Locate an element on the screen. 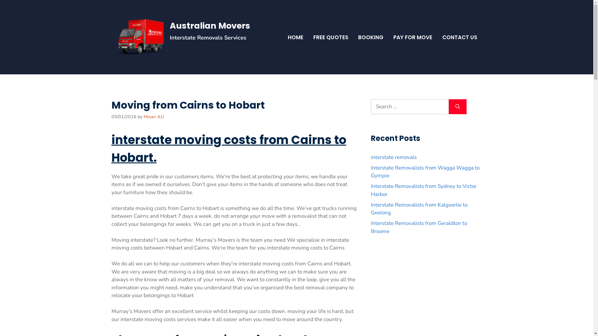 This screenshot has width=598, height=336. 'CONTACT US' is located at coordinates (460, 37).